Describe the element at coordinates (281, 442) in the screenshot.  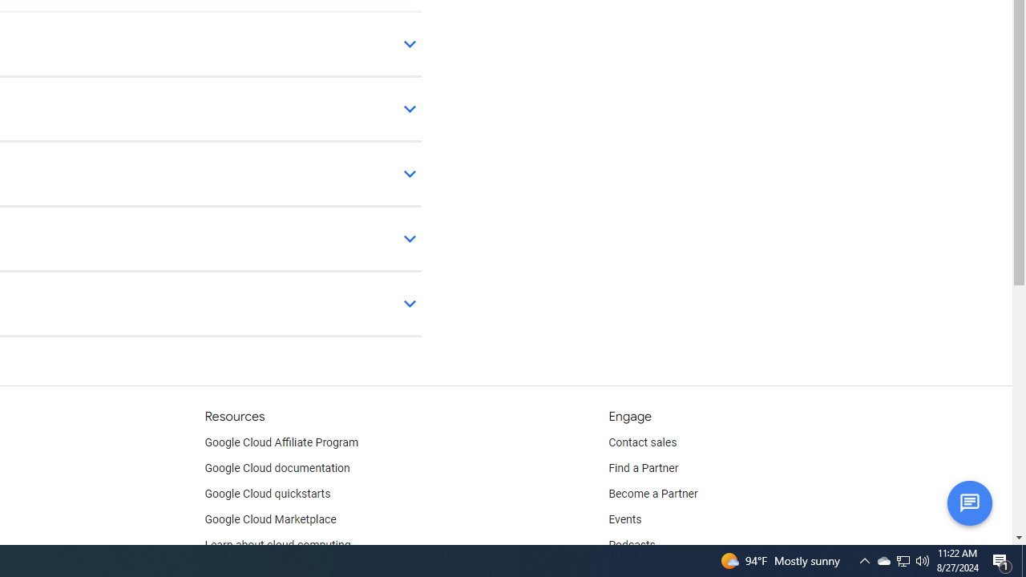
I see `'Google Cloud Affiliate Program'` at that location.